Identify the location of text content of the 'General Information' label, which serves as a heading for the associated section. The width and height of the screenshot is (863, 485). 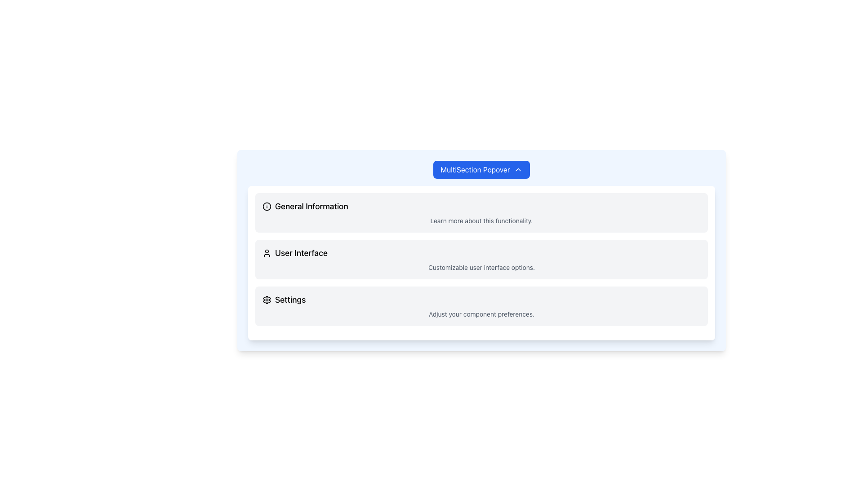
(311, 206).